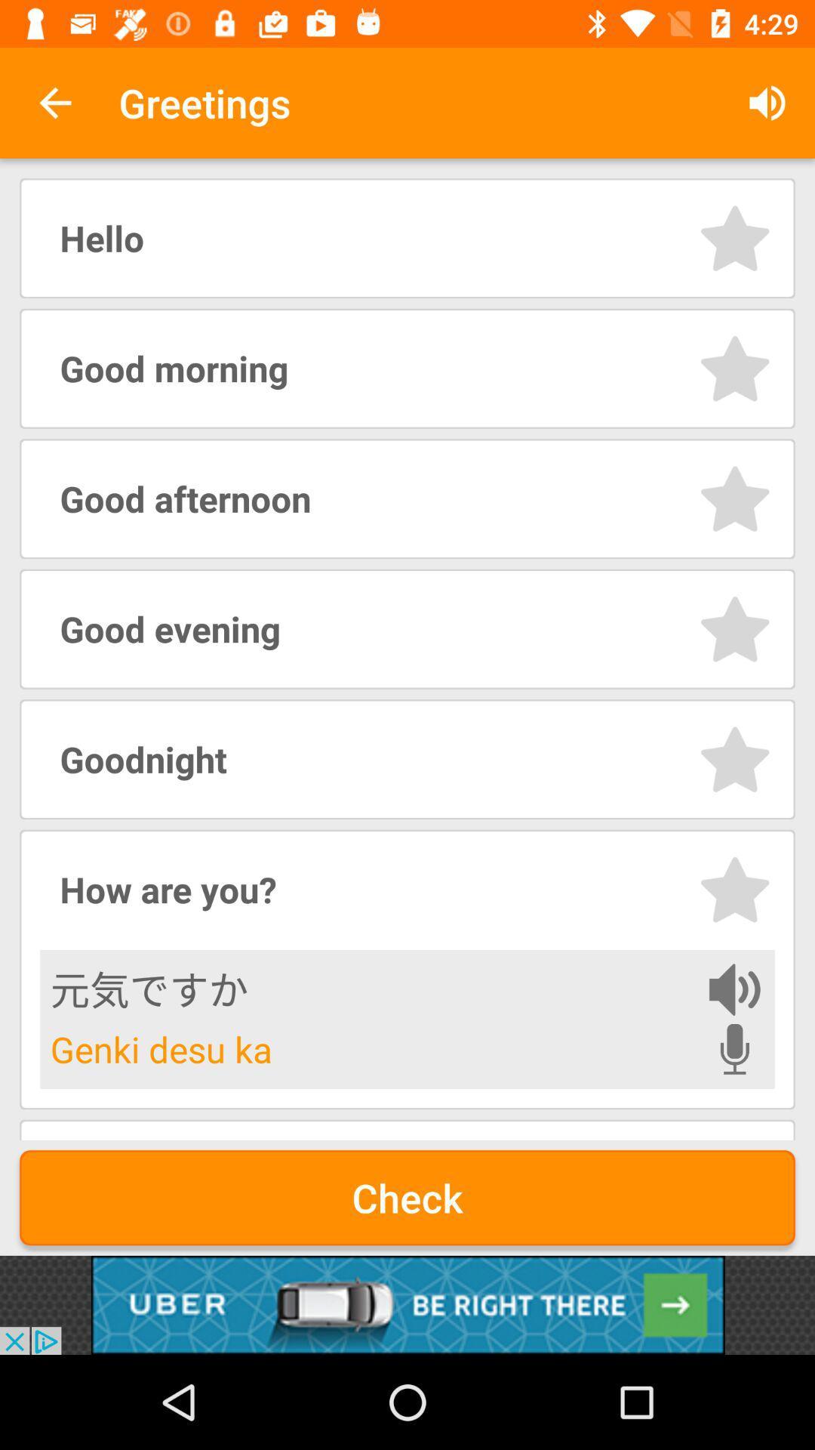 This screenshot has width=815, height=1450. What do you see at coordinates (407, 1304) in the screenshot?
I see `click advertisement` at bounding box center [407, 1304].